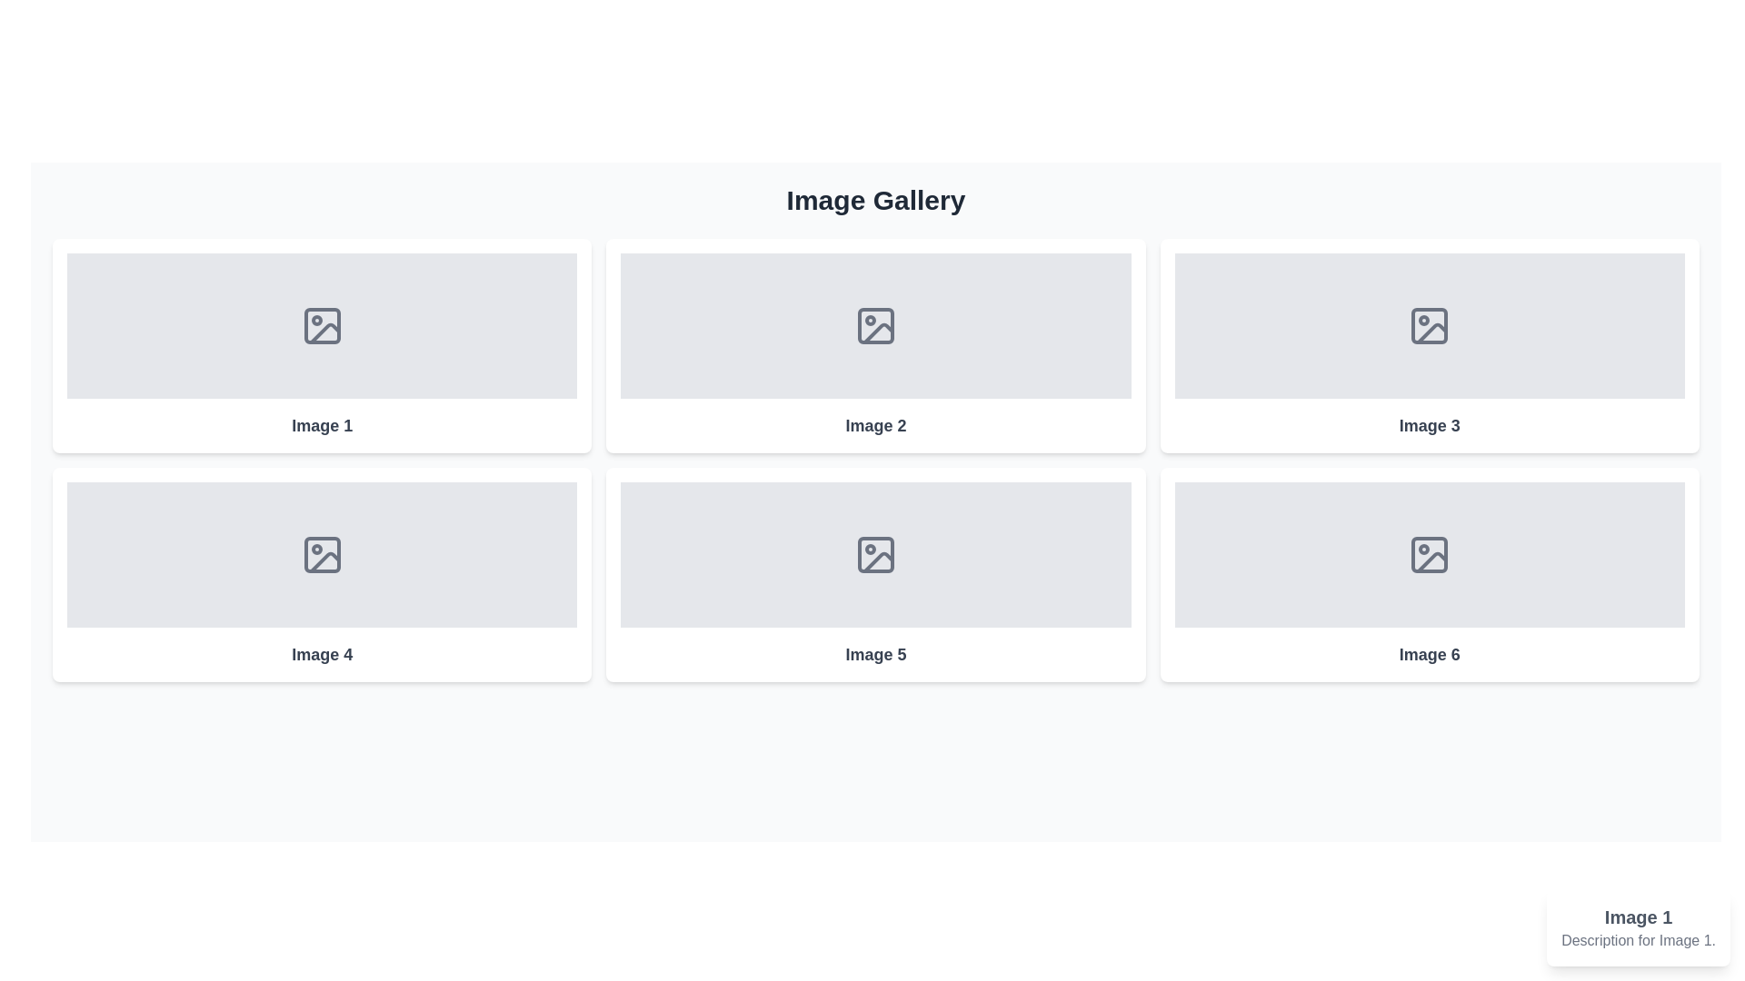  What do you see at coordinates (1429, 324) in the screenshot?
I see `the Decorative icon component, which is the square part of the image icon in the first row, third column of the grid layout` at bounding box center [1429, 324].